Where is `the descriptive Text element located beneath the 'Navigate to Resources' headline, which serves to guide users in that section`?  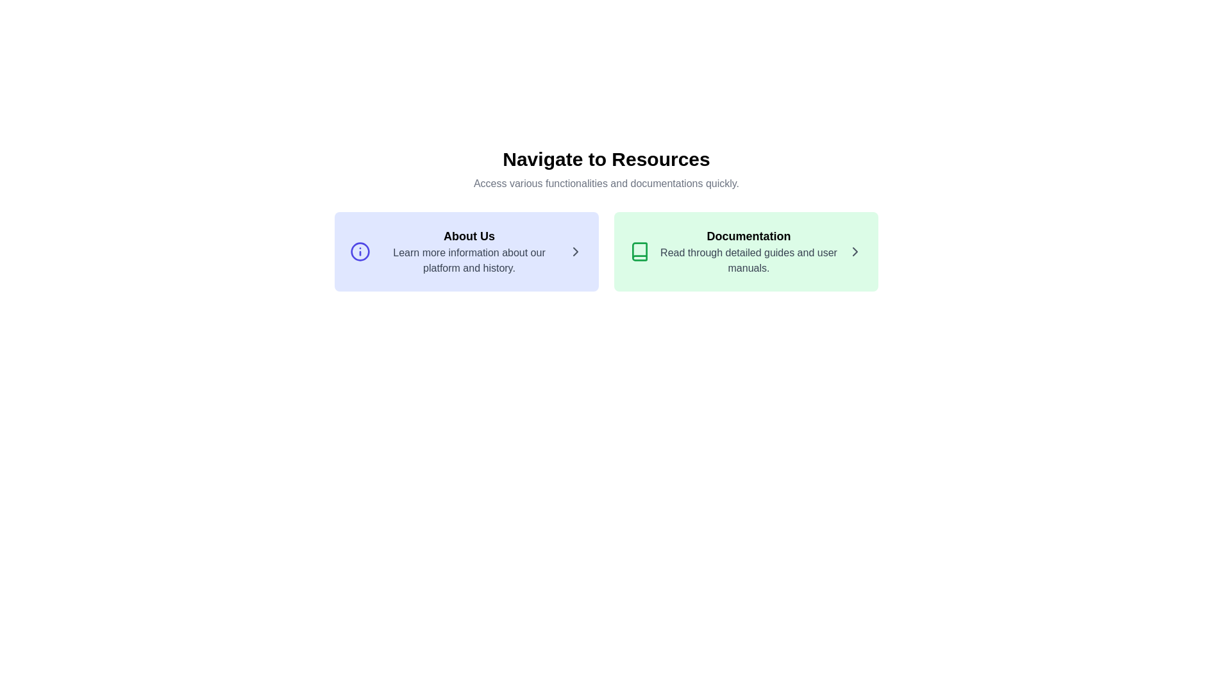 the descriptive Text element located beneath the 'Navigate to Resources' headline, which serves to guide users in that section is located at coordinates (605, 183).